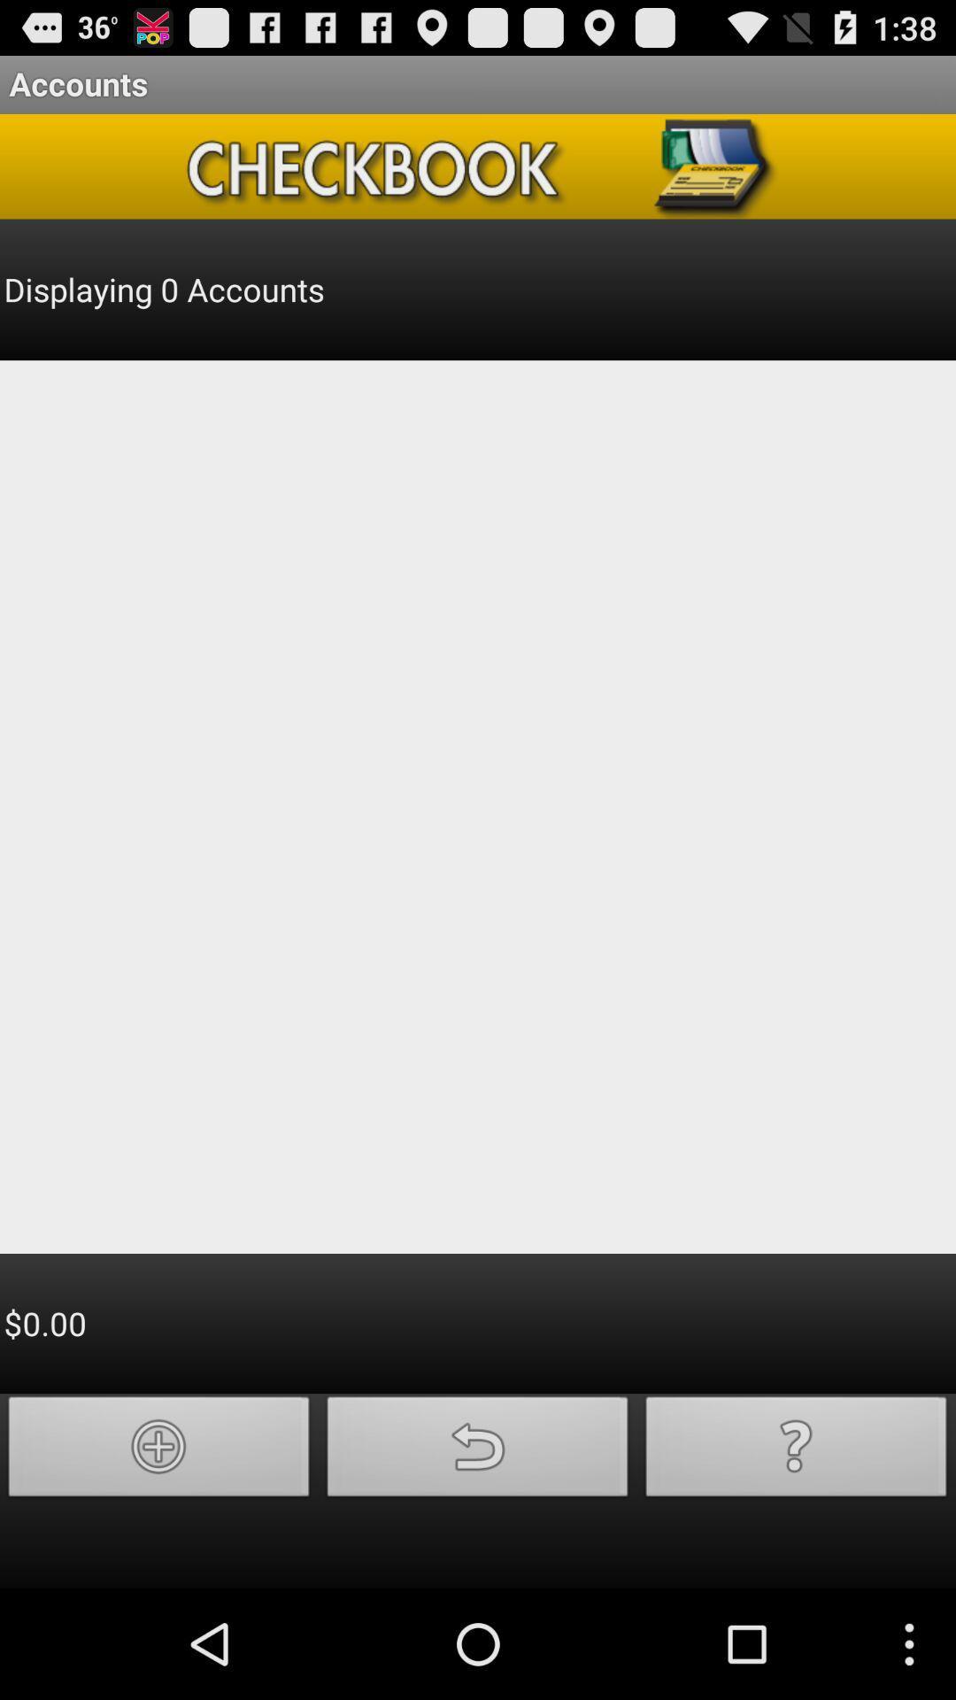  I want to click on the add icon, so click(159, 1553).